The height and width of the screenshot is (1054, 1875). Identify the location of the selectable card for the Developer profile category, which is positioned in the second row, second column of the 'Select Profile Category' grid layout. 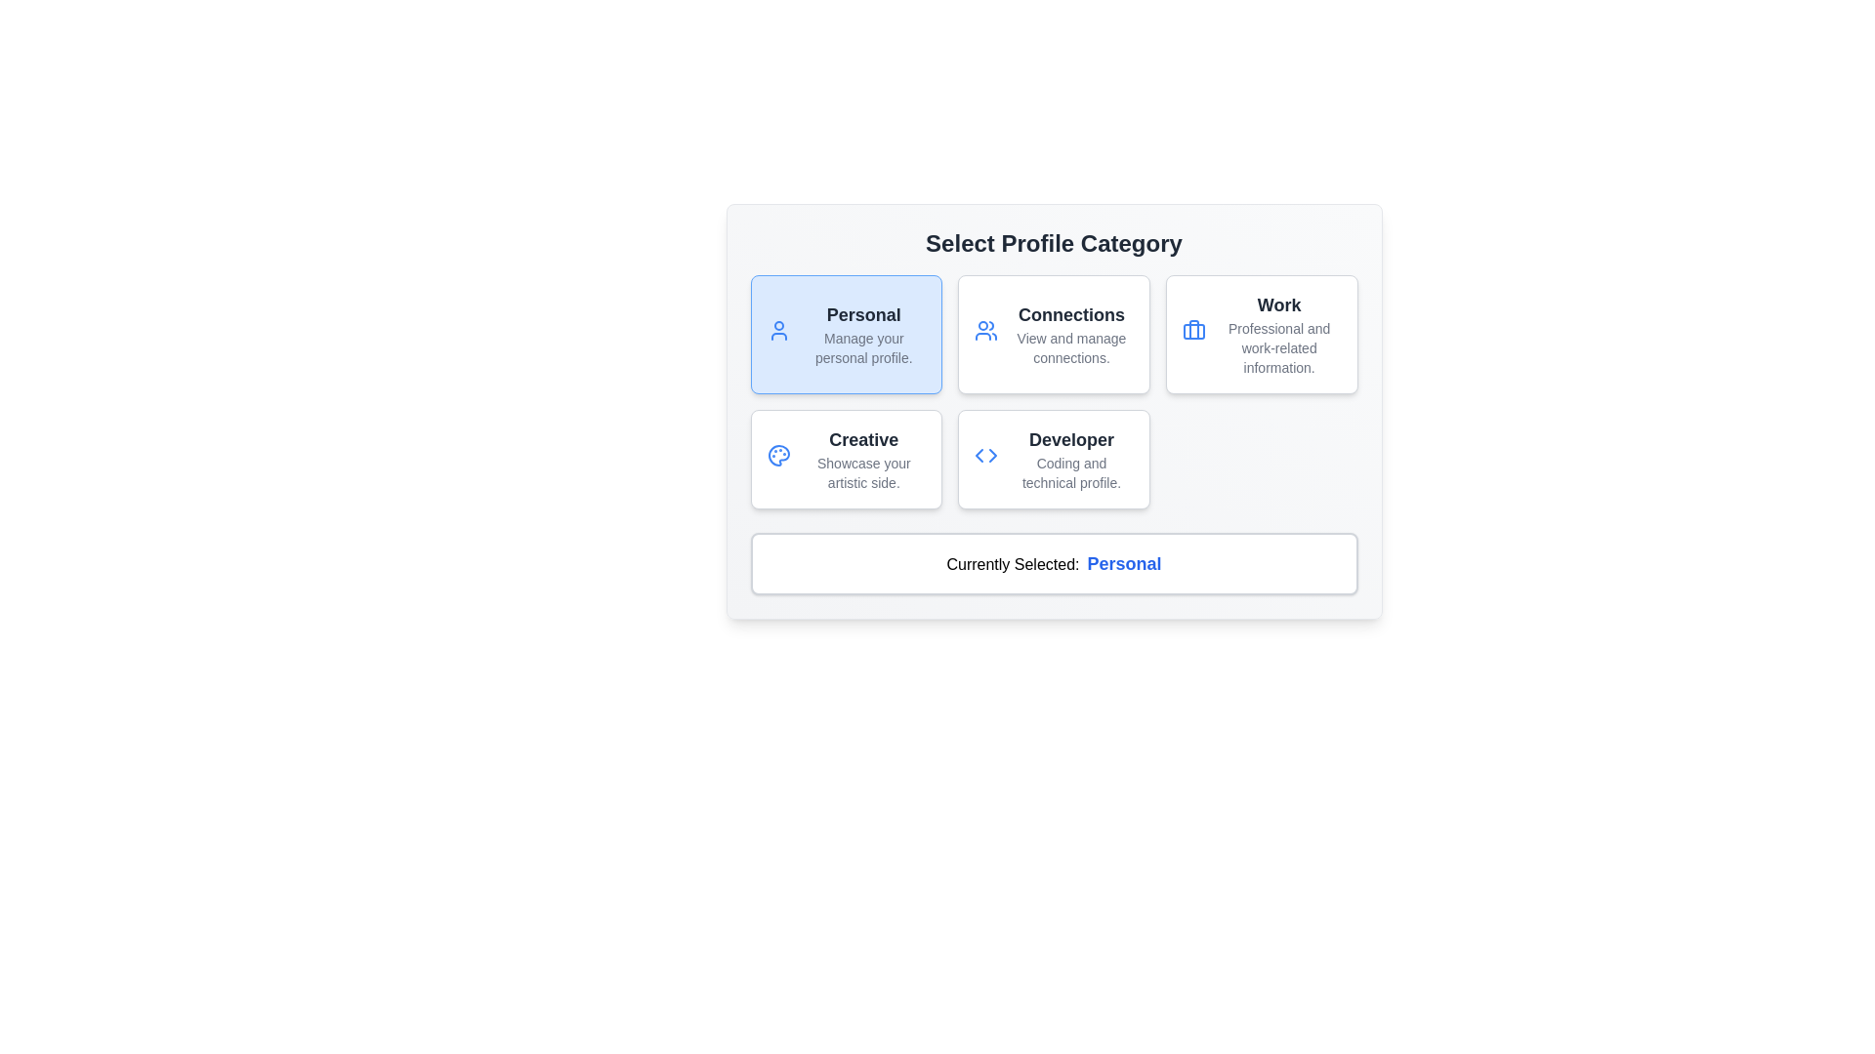
(1053, 459).